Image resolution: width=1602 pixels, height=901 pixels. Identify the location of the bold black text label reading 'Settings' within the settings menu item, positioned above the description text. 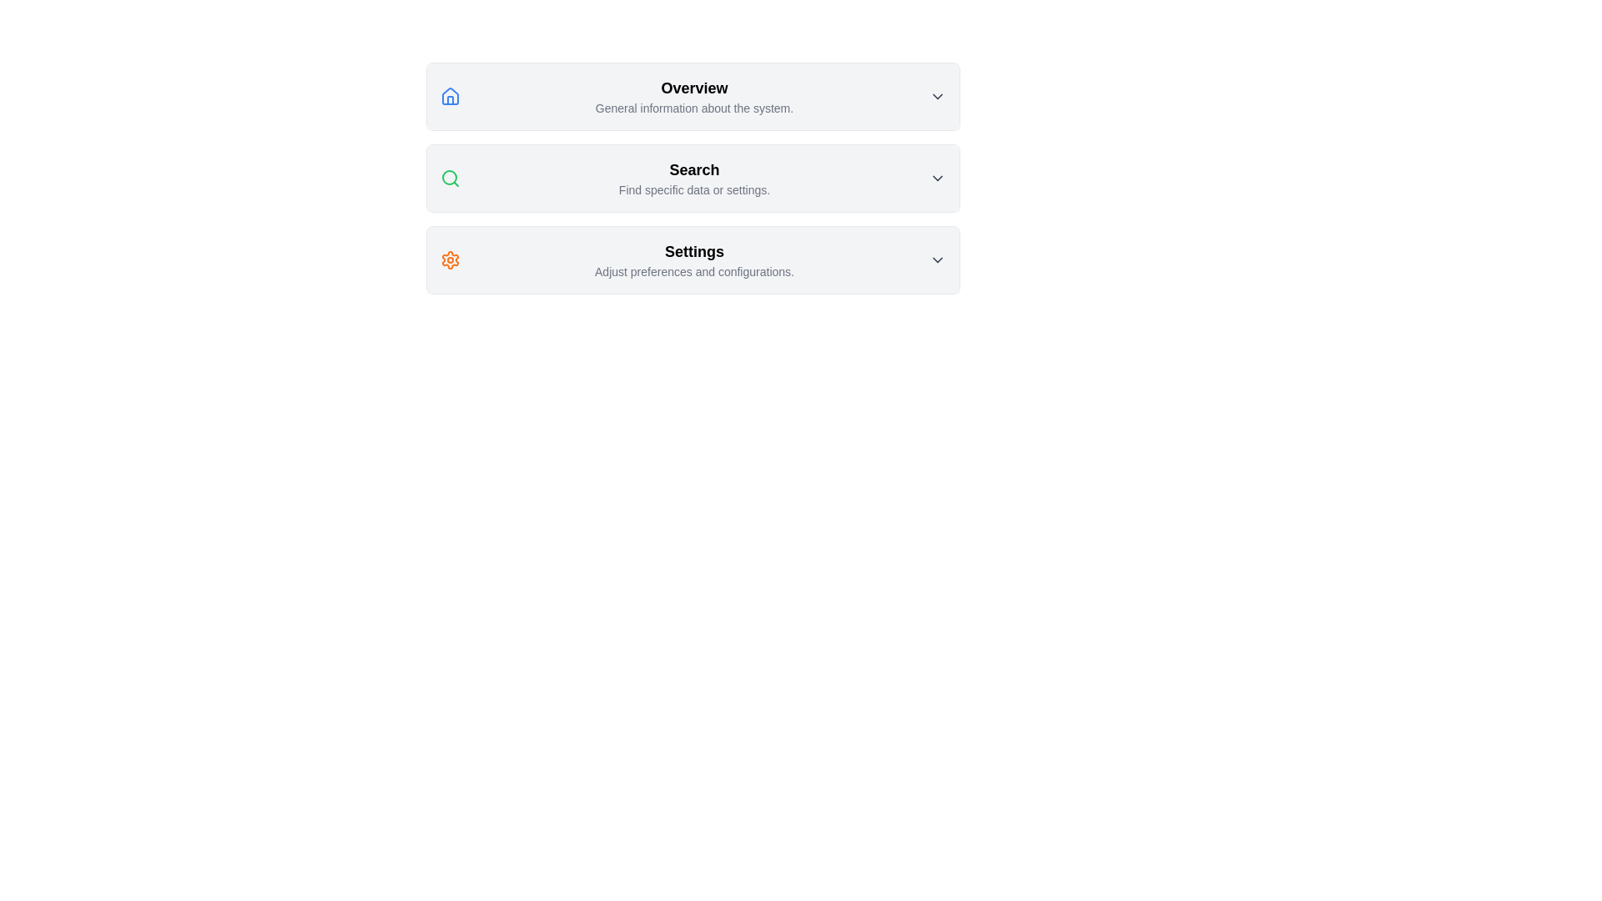
(694, 251).